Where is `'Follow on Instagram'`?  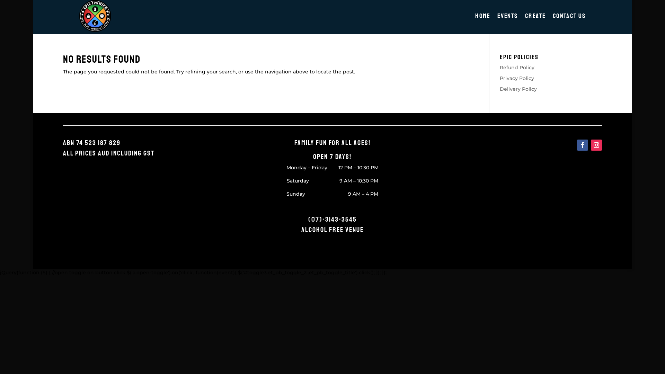 'Follow on Instagram' is located at coordinates (596, 145).